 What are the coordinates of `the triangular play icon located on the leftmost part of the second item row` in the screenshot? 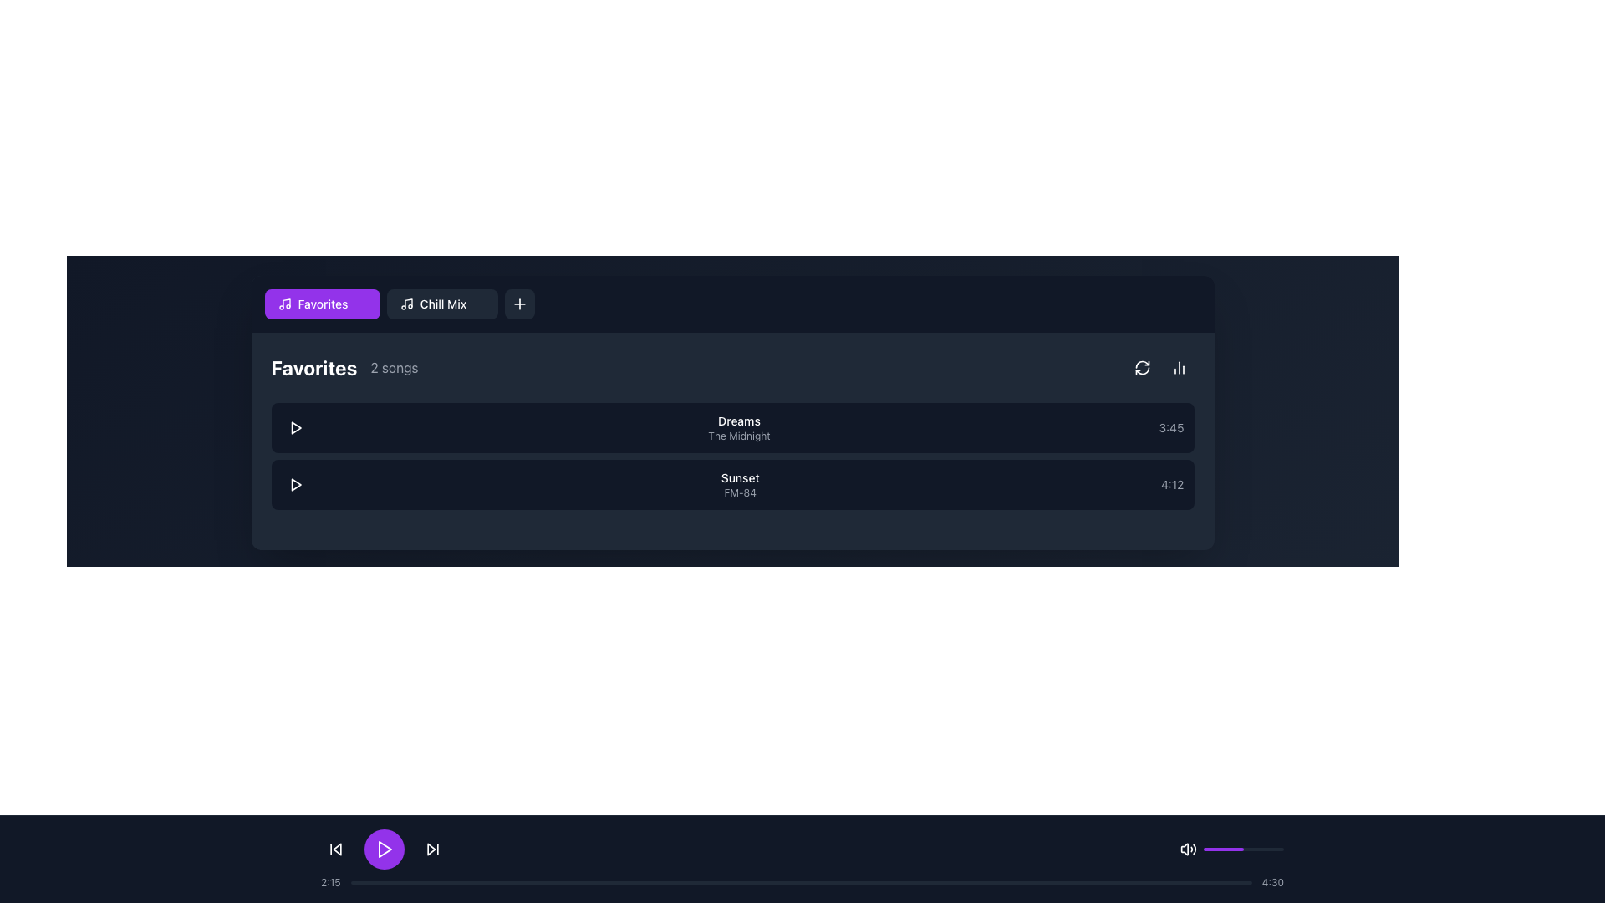 It's located at (295, 484).